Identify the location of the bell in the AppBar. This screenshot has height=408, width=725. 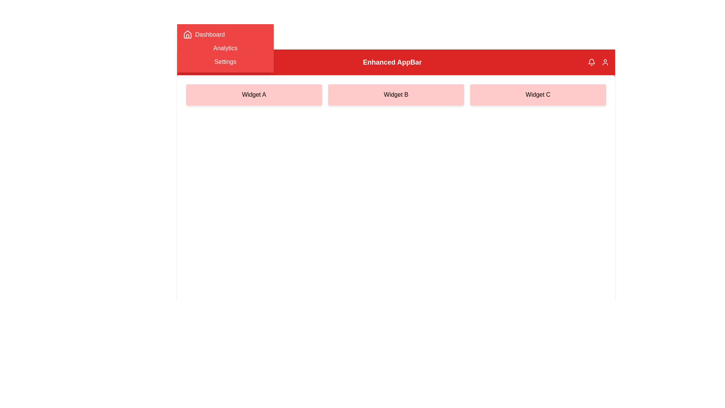
(591, 62).